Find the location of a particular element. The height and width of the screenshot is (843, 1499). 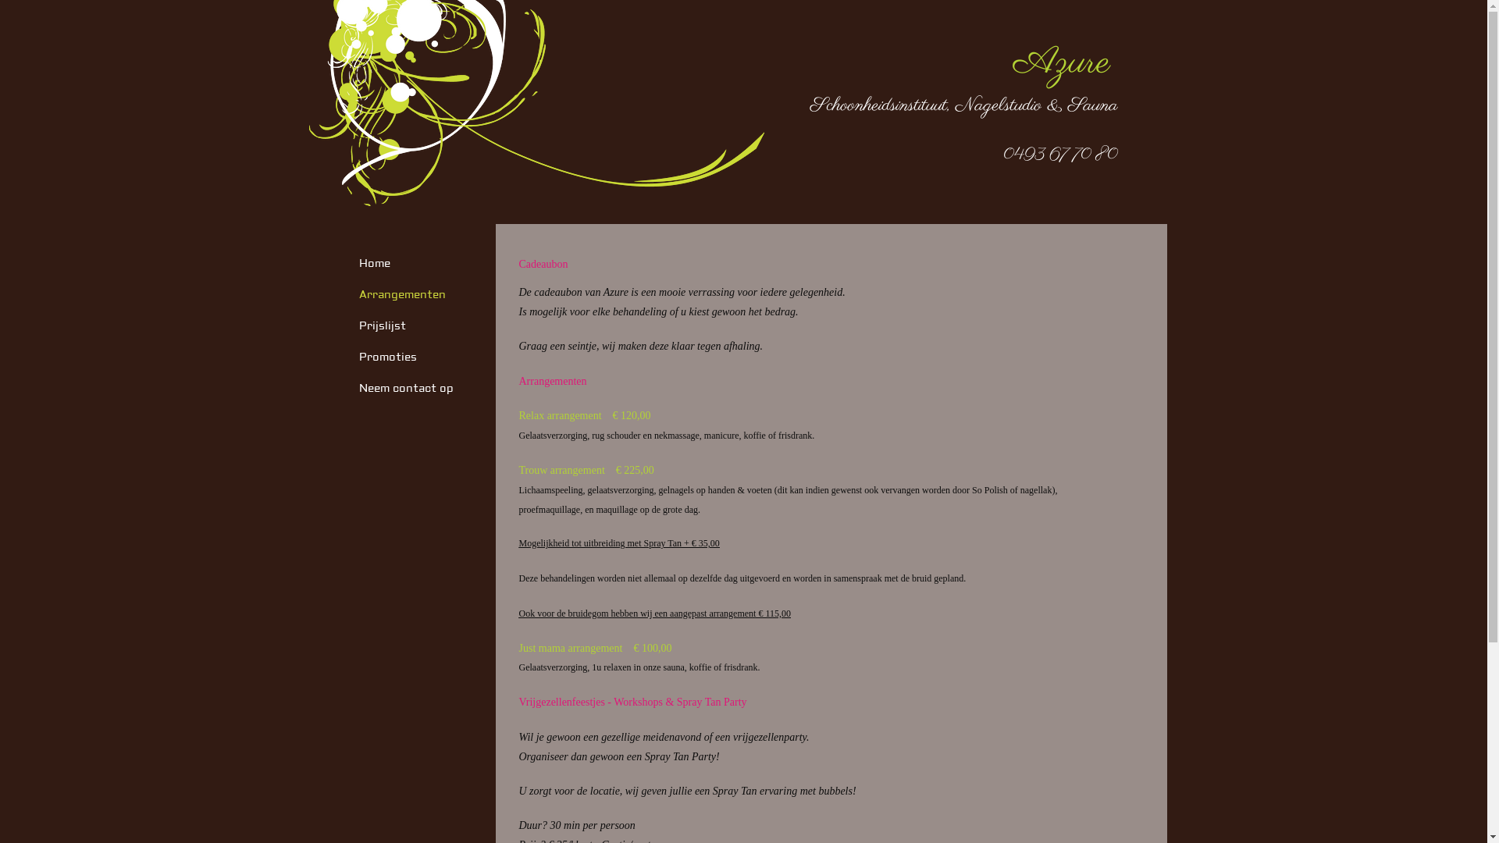

'Arrangementen' is located at coordinates (402, 295).